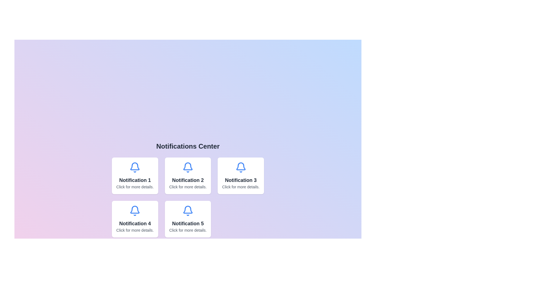 Image resolution: width=533 pixels, height=300 pixels. What do you see at coordinates (241, 167) in the screenshot?
I see `the blue bell icon representing notifications located inside the 'Notification 3' card, which is the third card in the top row of a 2-row grid of notification cards` at bounding box center [241, 167].